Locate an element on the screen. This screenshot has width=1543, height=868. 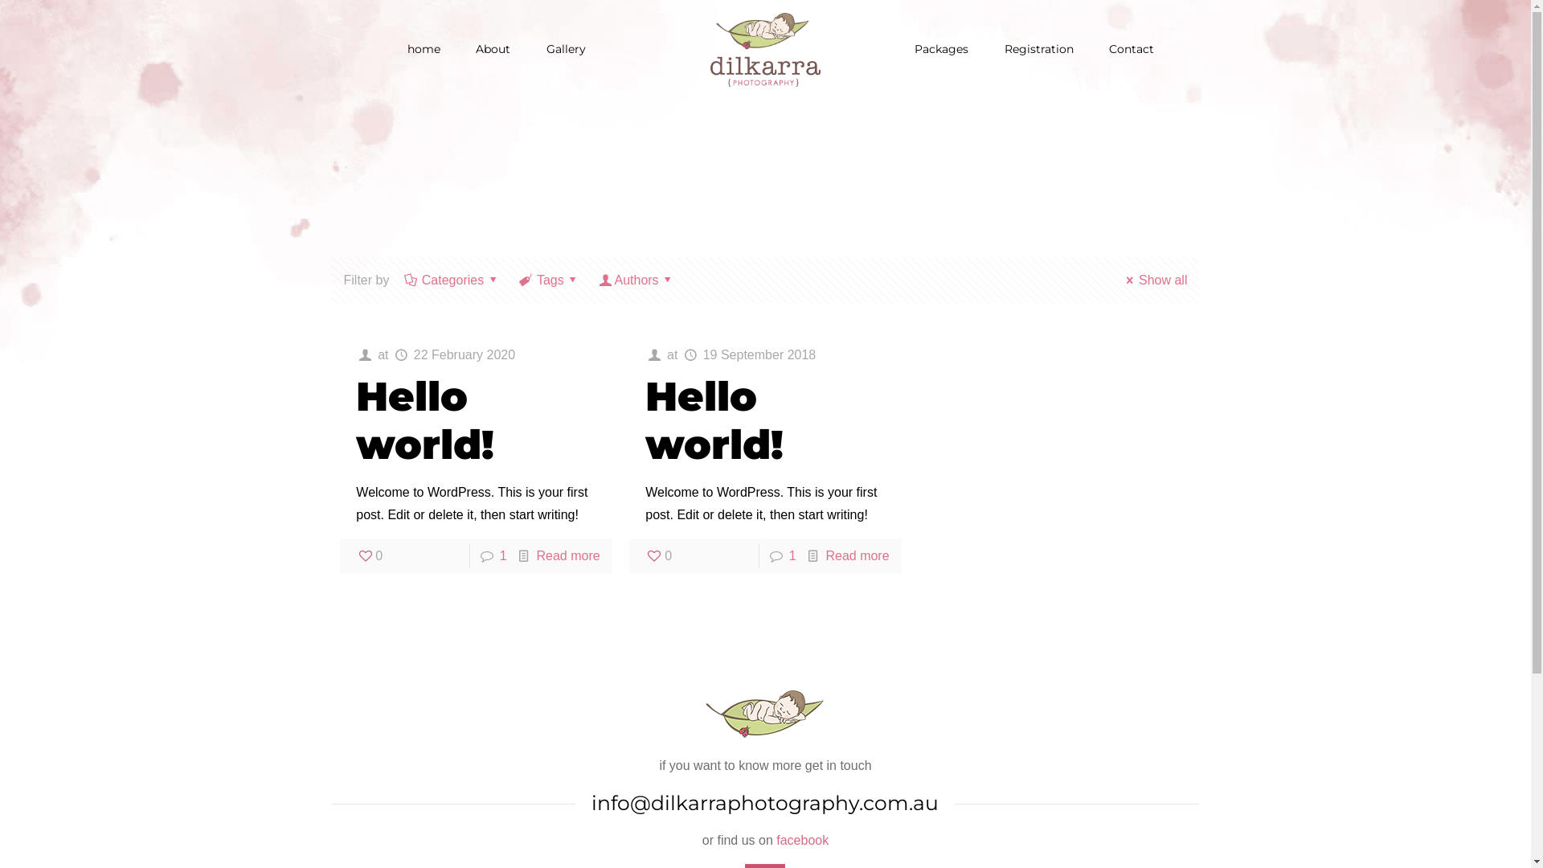
'0' is located at coordinates (658, 555).